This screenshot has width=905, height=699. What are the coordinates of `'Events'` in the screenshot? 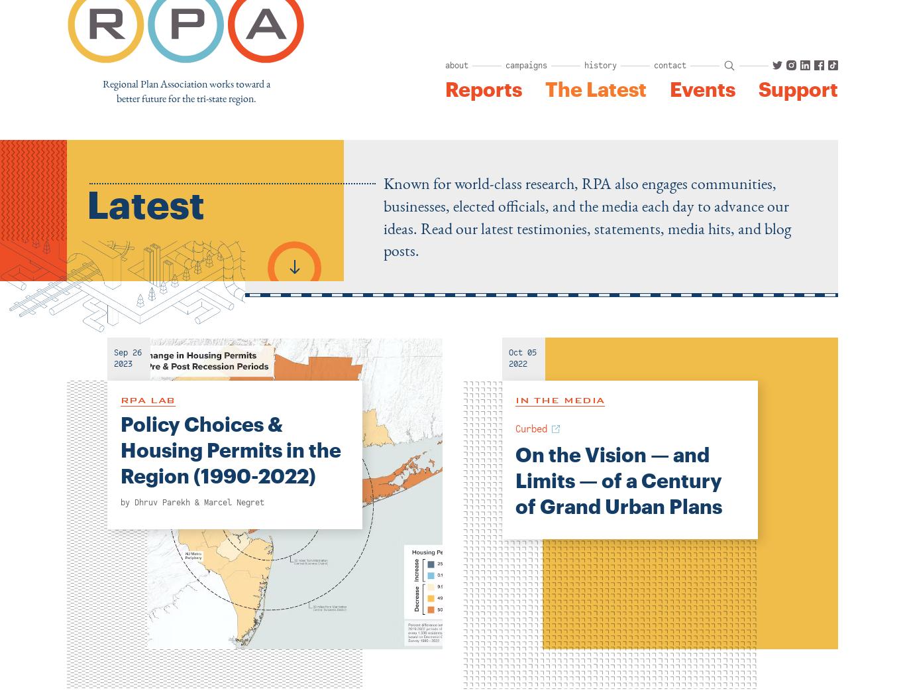 It's located at (669, 89).